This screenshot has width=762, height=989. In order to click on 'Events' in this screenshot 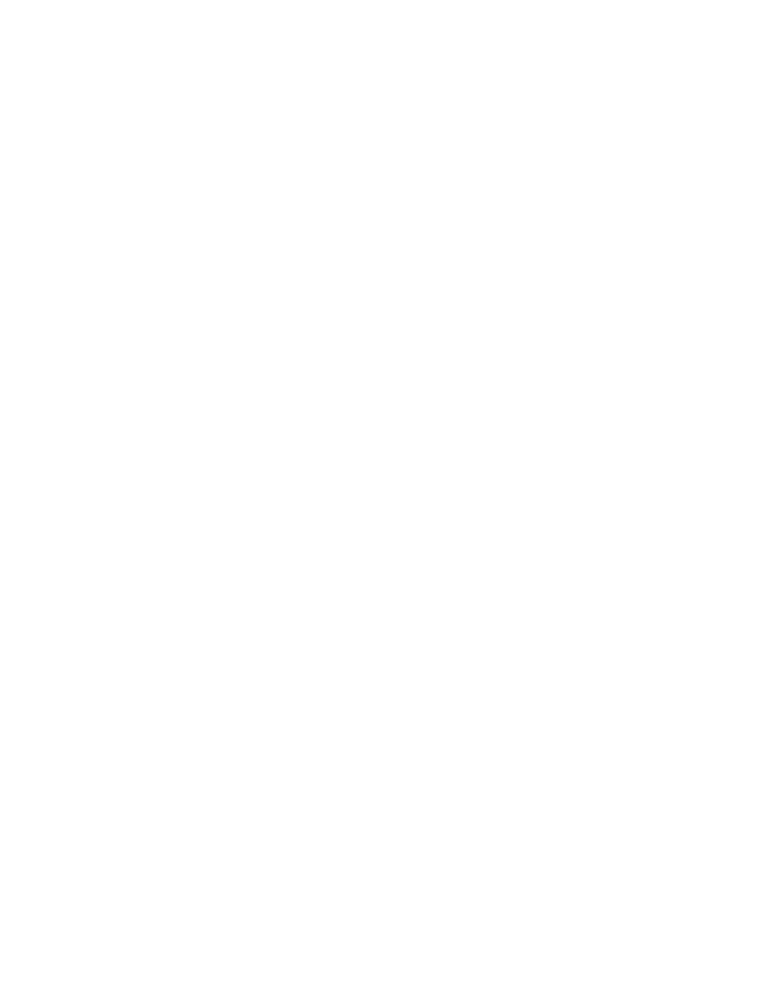, I will do `click(174, 272)`.